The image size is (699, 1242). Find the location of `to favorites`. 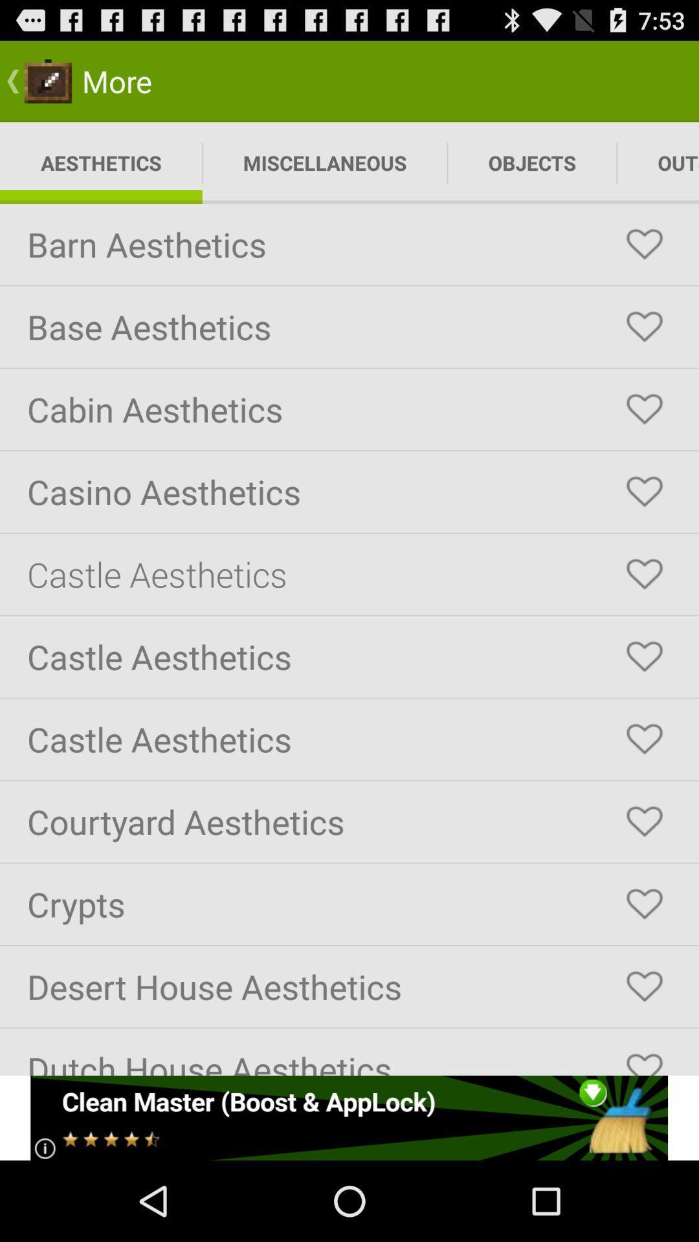

to favorites is located at coordinates (644, 245).